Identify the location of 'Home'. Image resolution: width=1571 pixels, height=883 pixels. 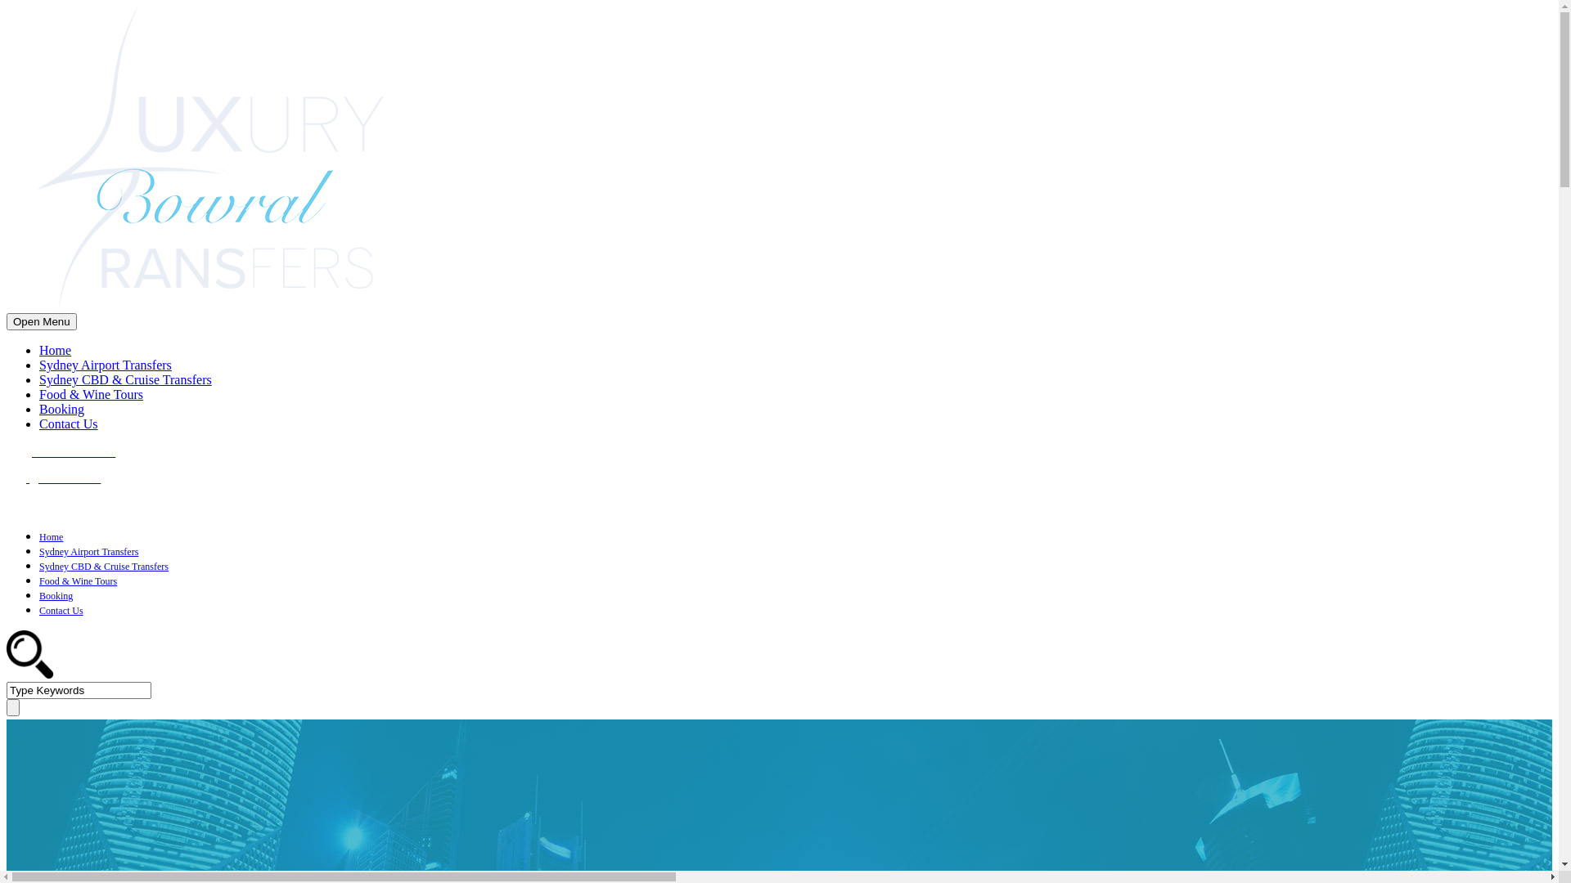
(51, 536).